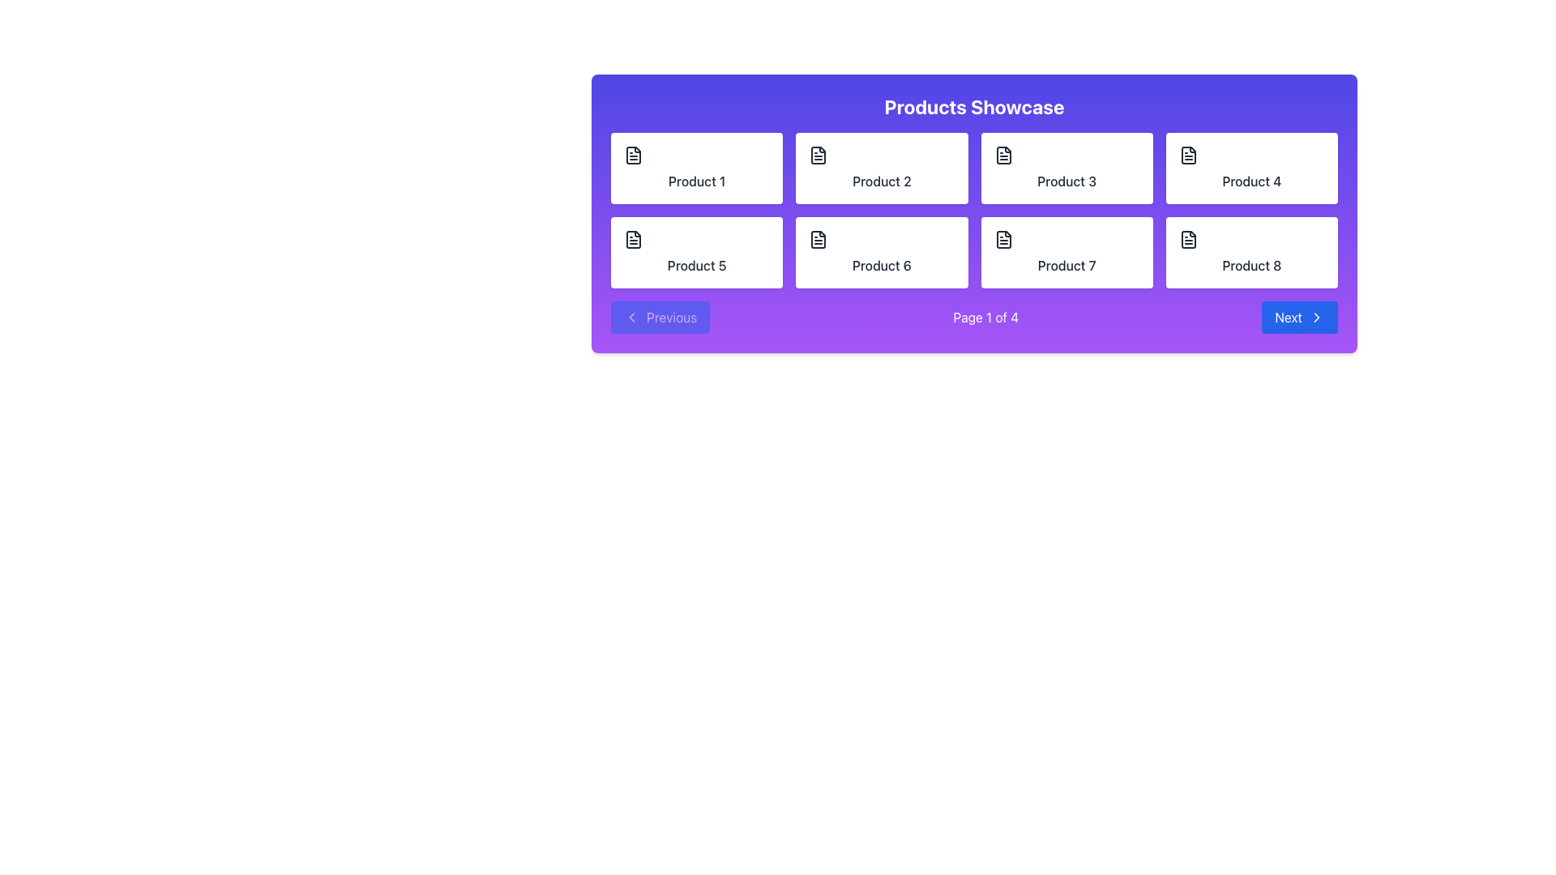 Image resolution: width=1556 pixels, height=875 pixels. Describe the element at coordinates (1316, 318) in the screenshot. I see `the rightward-pointing arrow icon in the blue 'Next' button at the bottom-right of the interface` at that location.